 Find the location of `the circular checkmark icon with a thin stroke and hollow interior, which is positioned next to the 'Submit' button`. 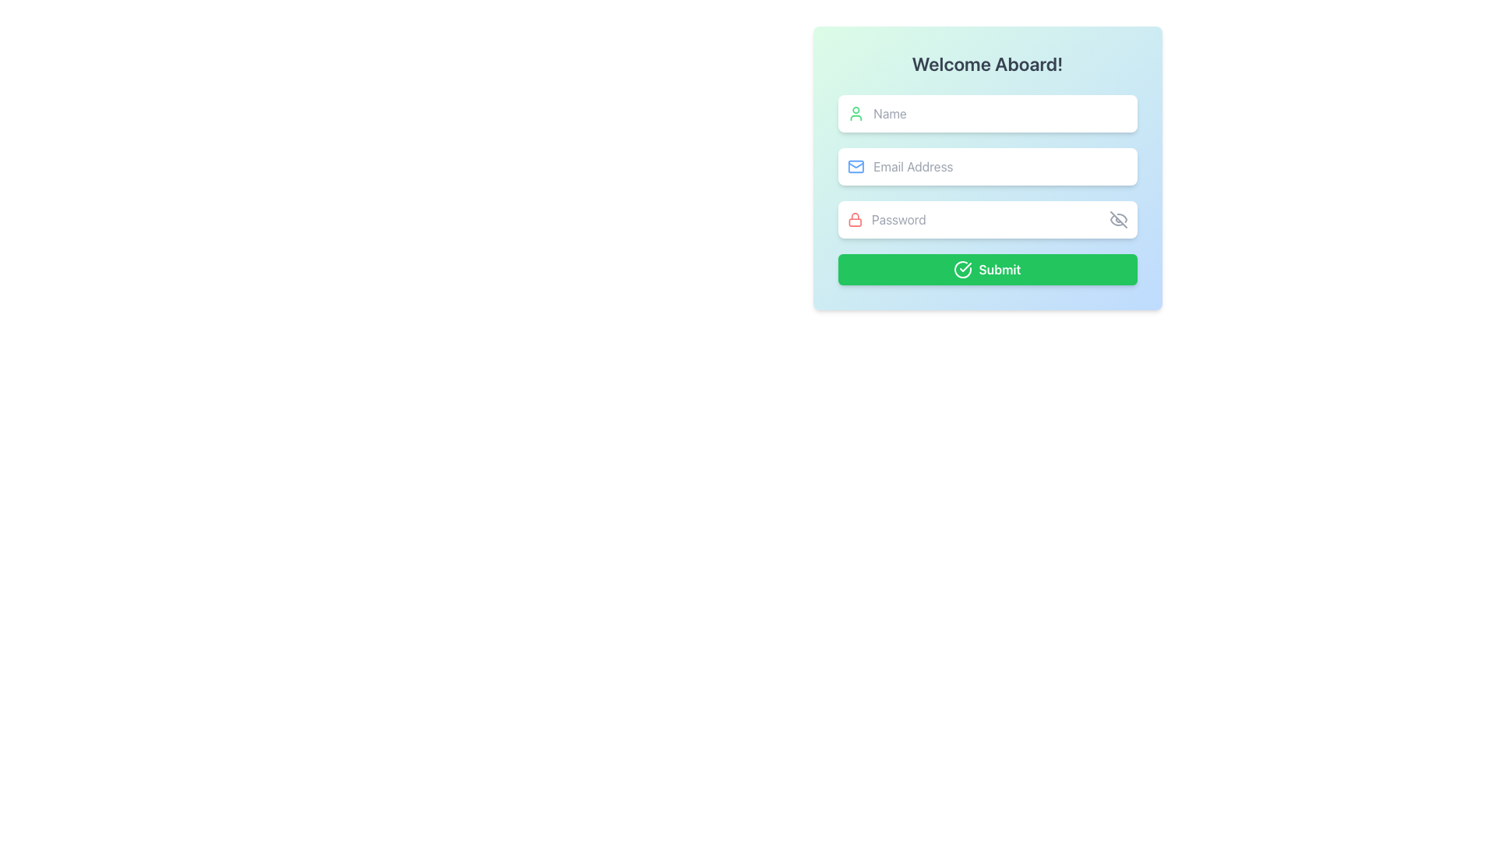

the circular checkmark icon with a thin stroke and hollow interior, which is positioned next to the 'Submit' button is located at coordinates (962, 269).